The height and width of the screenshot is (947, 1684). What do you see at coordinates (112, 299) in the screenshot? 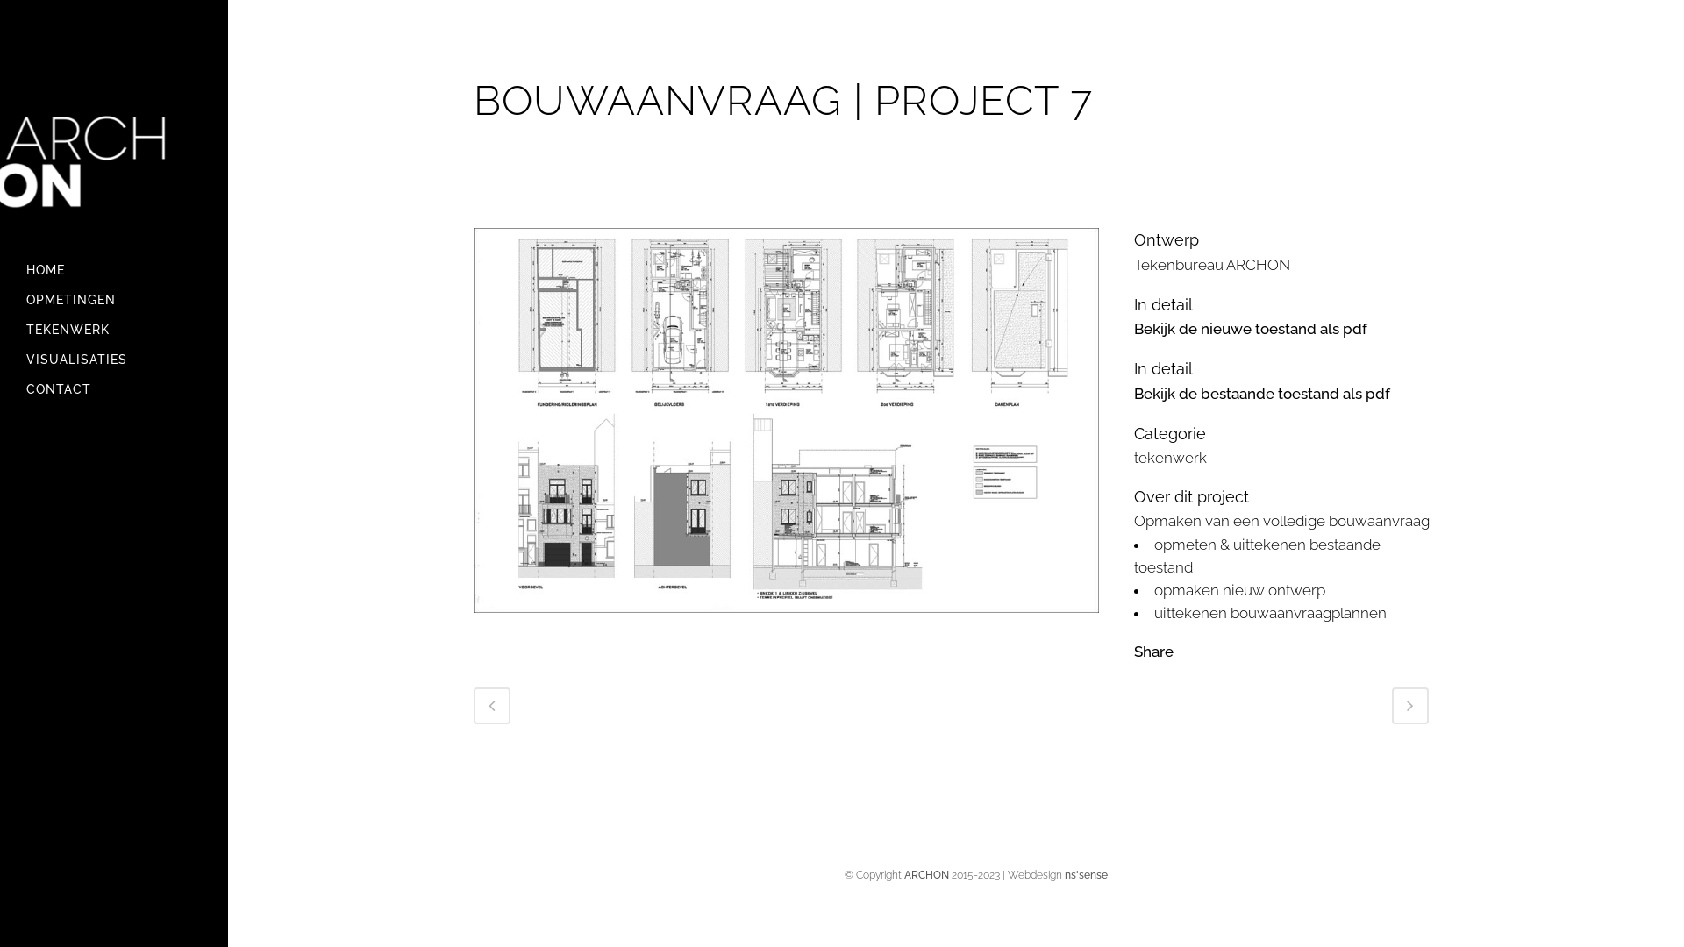
I see `'OPMETINGEN'` at bounding box center [112, 299].